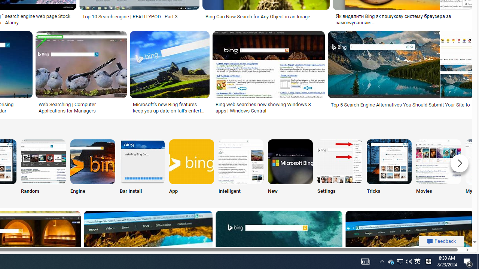  I want to click on 'Random', so click(43, 168).